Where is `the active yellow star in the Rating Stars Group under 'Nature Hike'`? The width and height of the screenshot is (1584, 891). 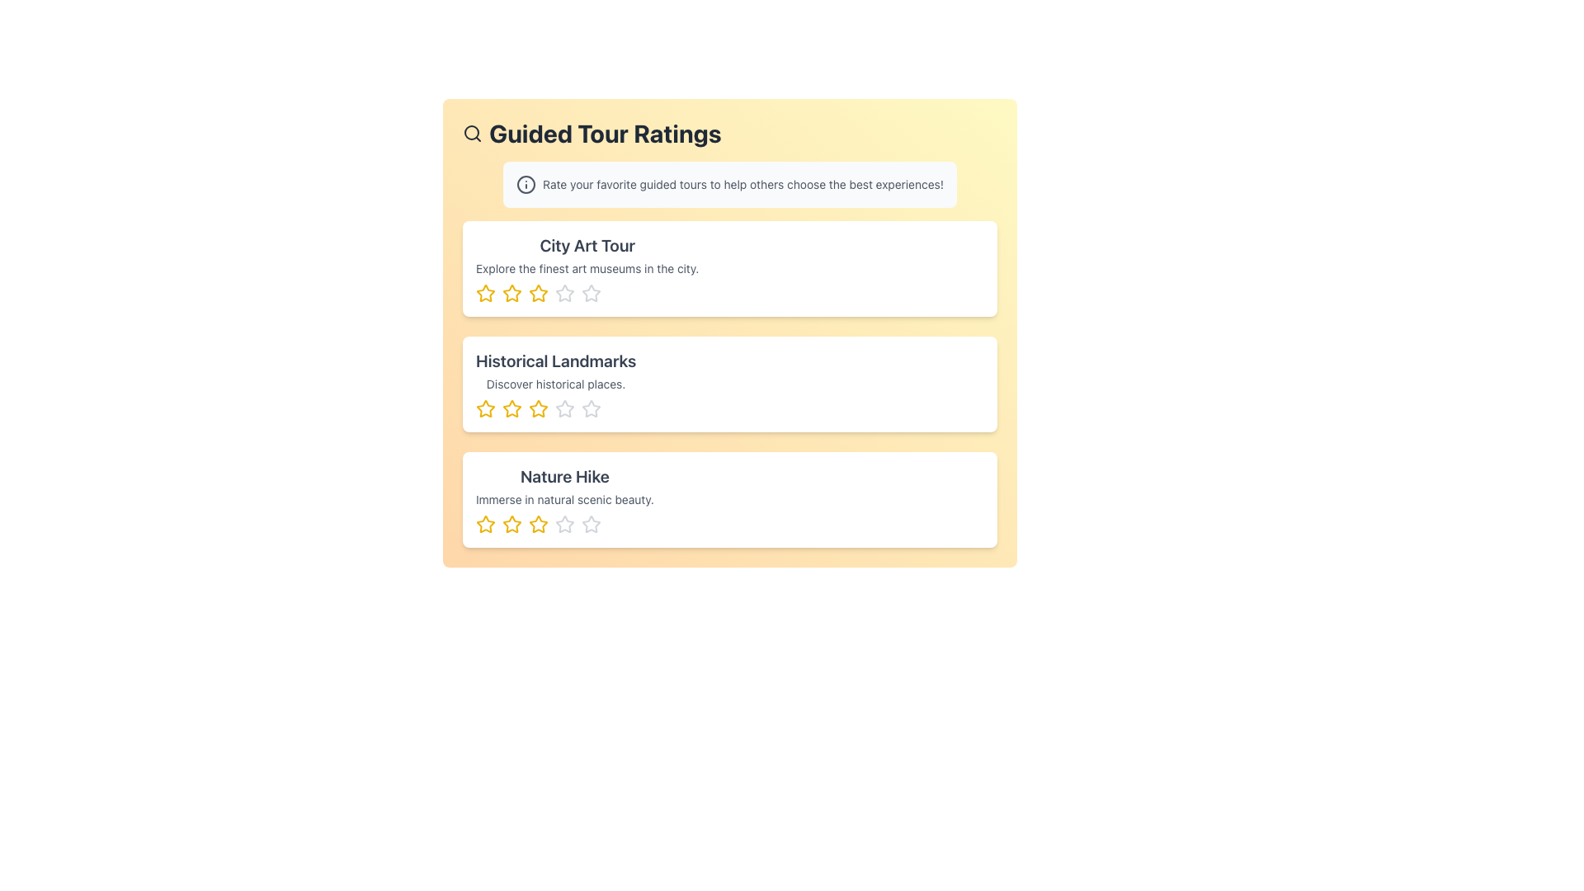 the active yellow star in the Rating Stars Group under 'Nature Hike' is located at coordinates (564, 525).